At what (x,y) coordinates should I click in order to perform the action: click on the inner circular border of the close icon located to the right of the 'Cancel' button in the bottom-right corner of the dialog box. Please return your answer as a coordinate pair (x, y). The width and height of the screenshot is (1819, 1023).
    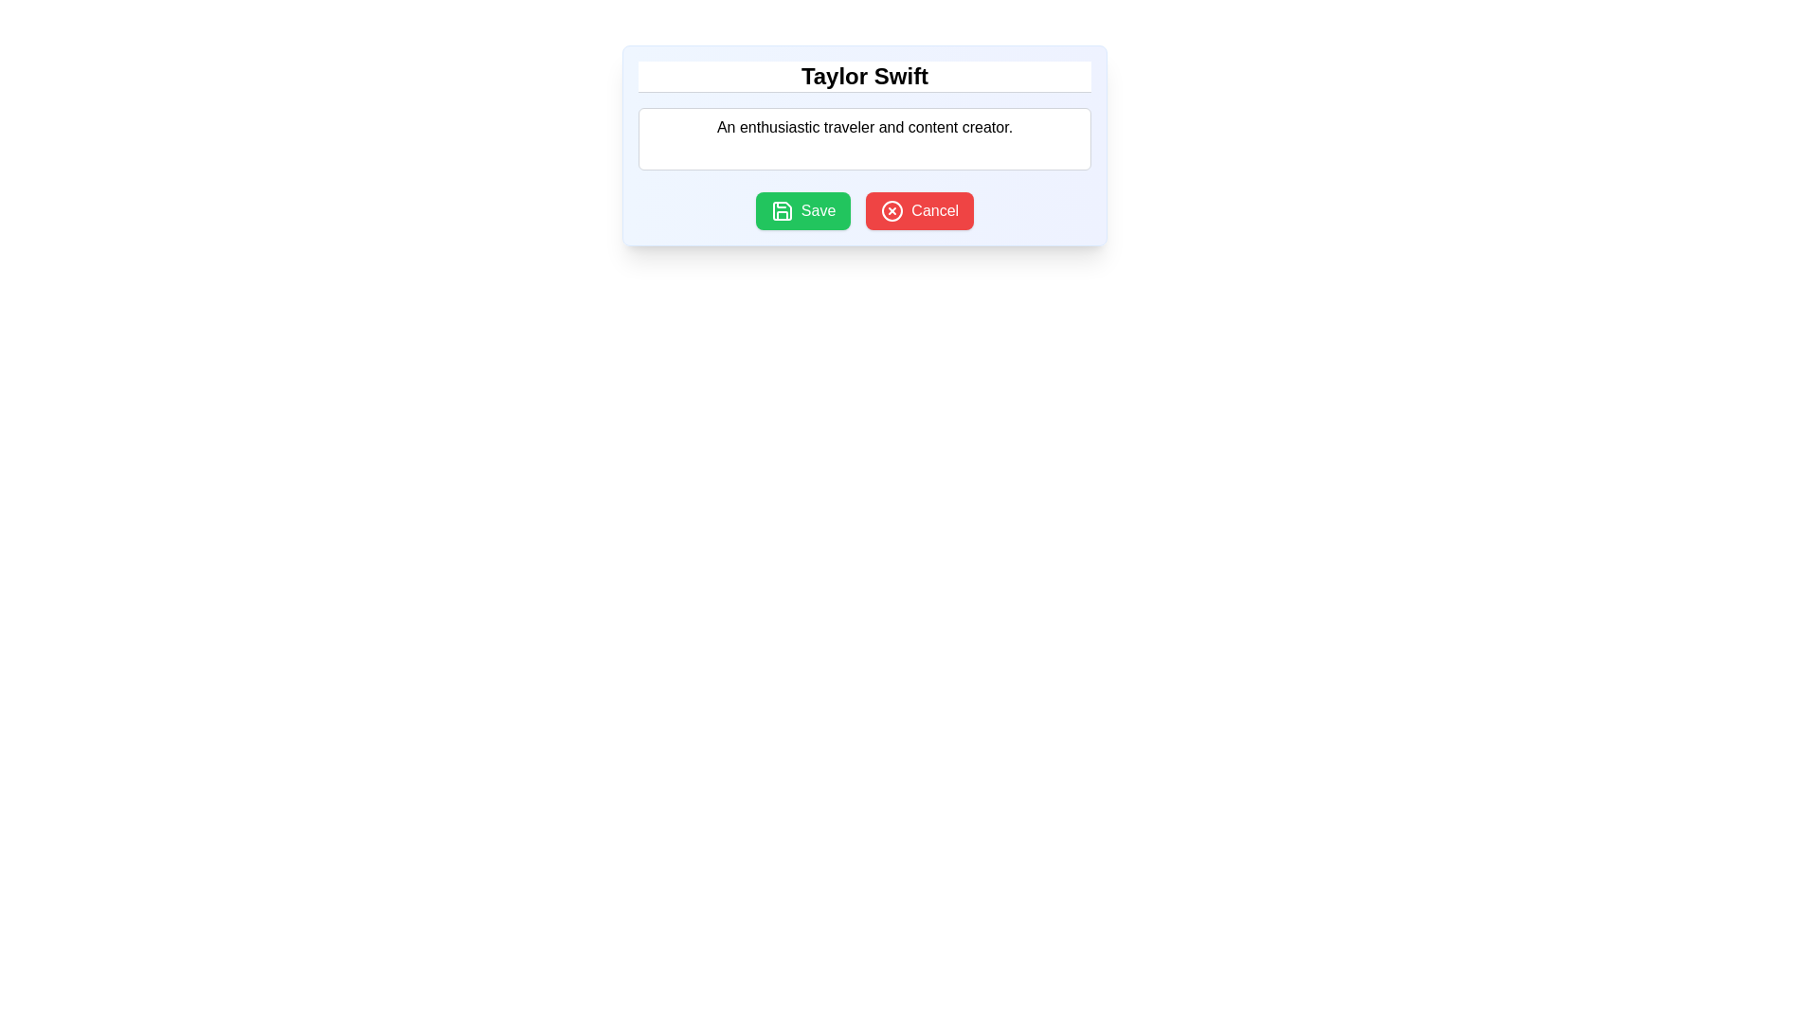
    Looking at the image, I should click on (891, 211).